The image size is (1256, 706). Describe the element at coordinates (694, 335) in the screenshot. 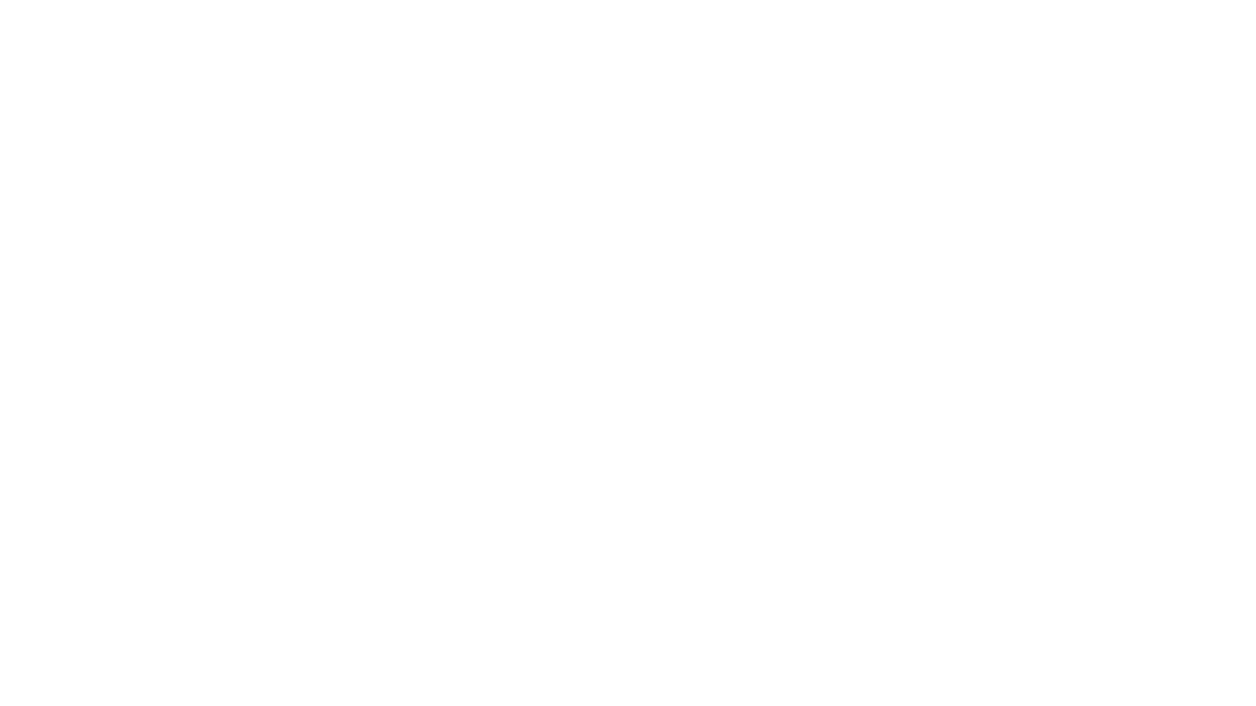

I see `July` at that location.